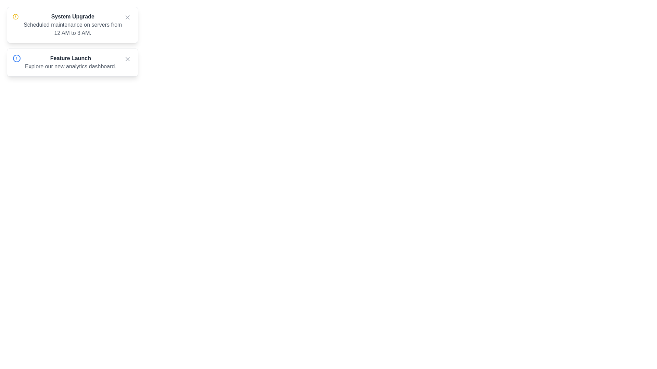 The image size is (657, 369). Describe the element at coordinates (15, 16) in the screenshot. I see `the notification icon to inspect it` at that location.